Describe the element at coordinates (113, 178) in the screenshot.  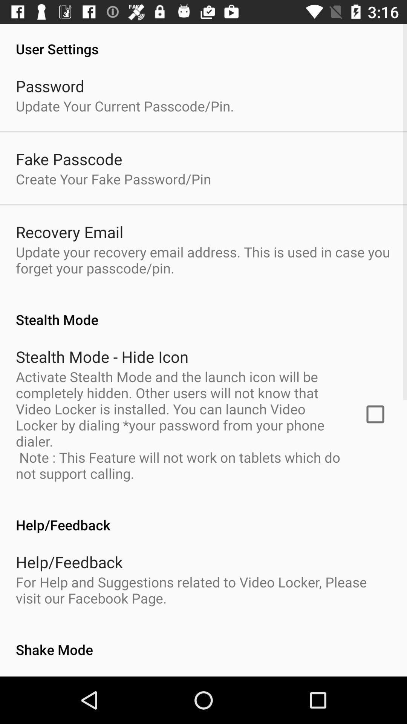
I see `app below the fake passcode app` at that location.